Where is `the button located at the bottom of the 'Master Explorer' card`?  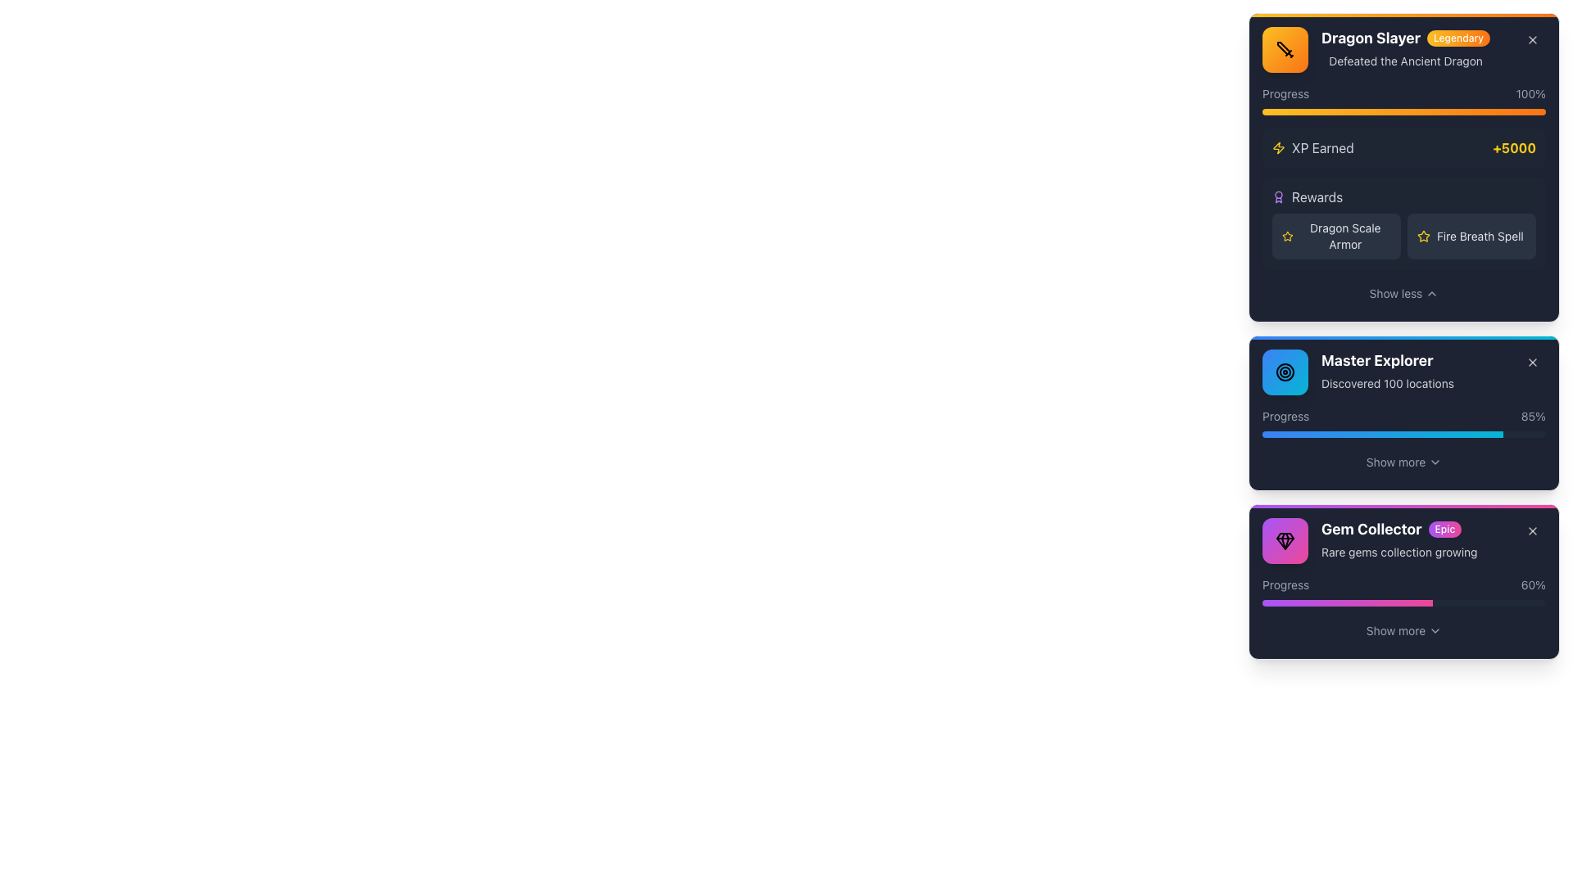
the button located at the bottom of the 'Master Explorer' card is located at coordinates (1403, 462).